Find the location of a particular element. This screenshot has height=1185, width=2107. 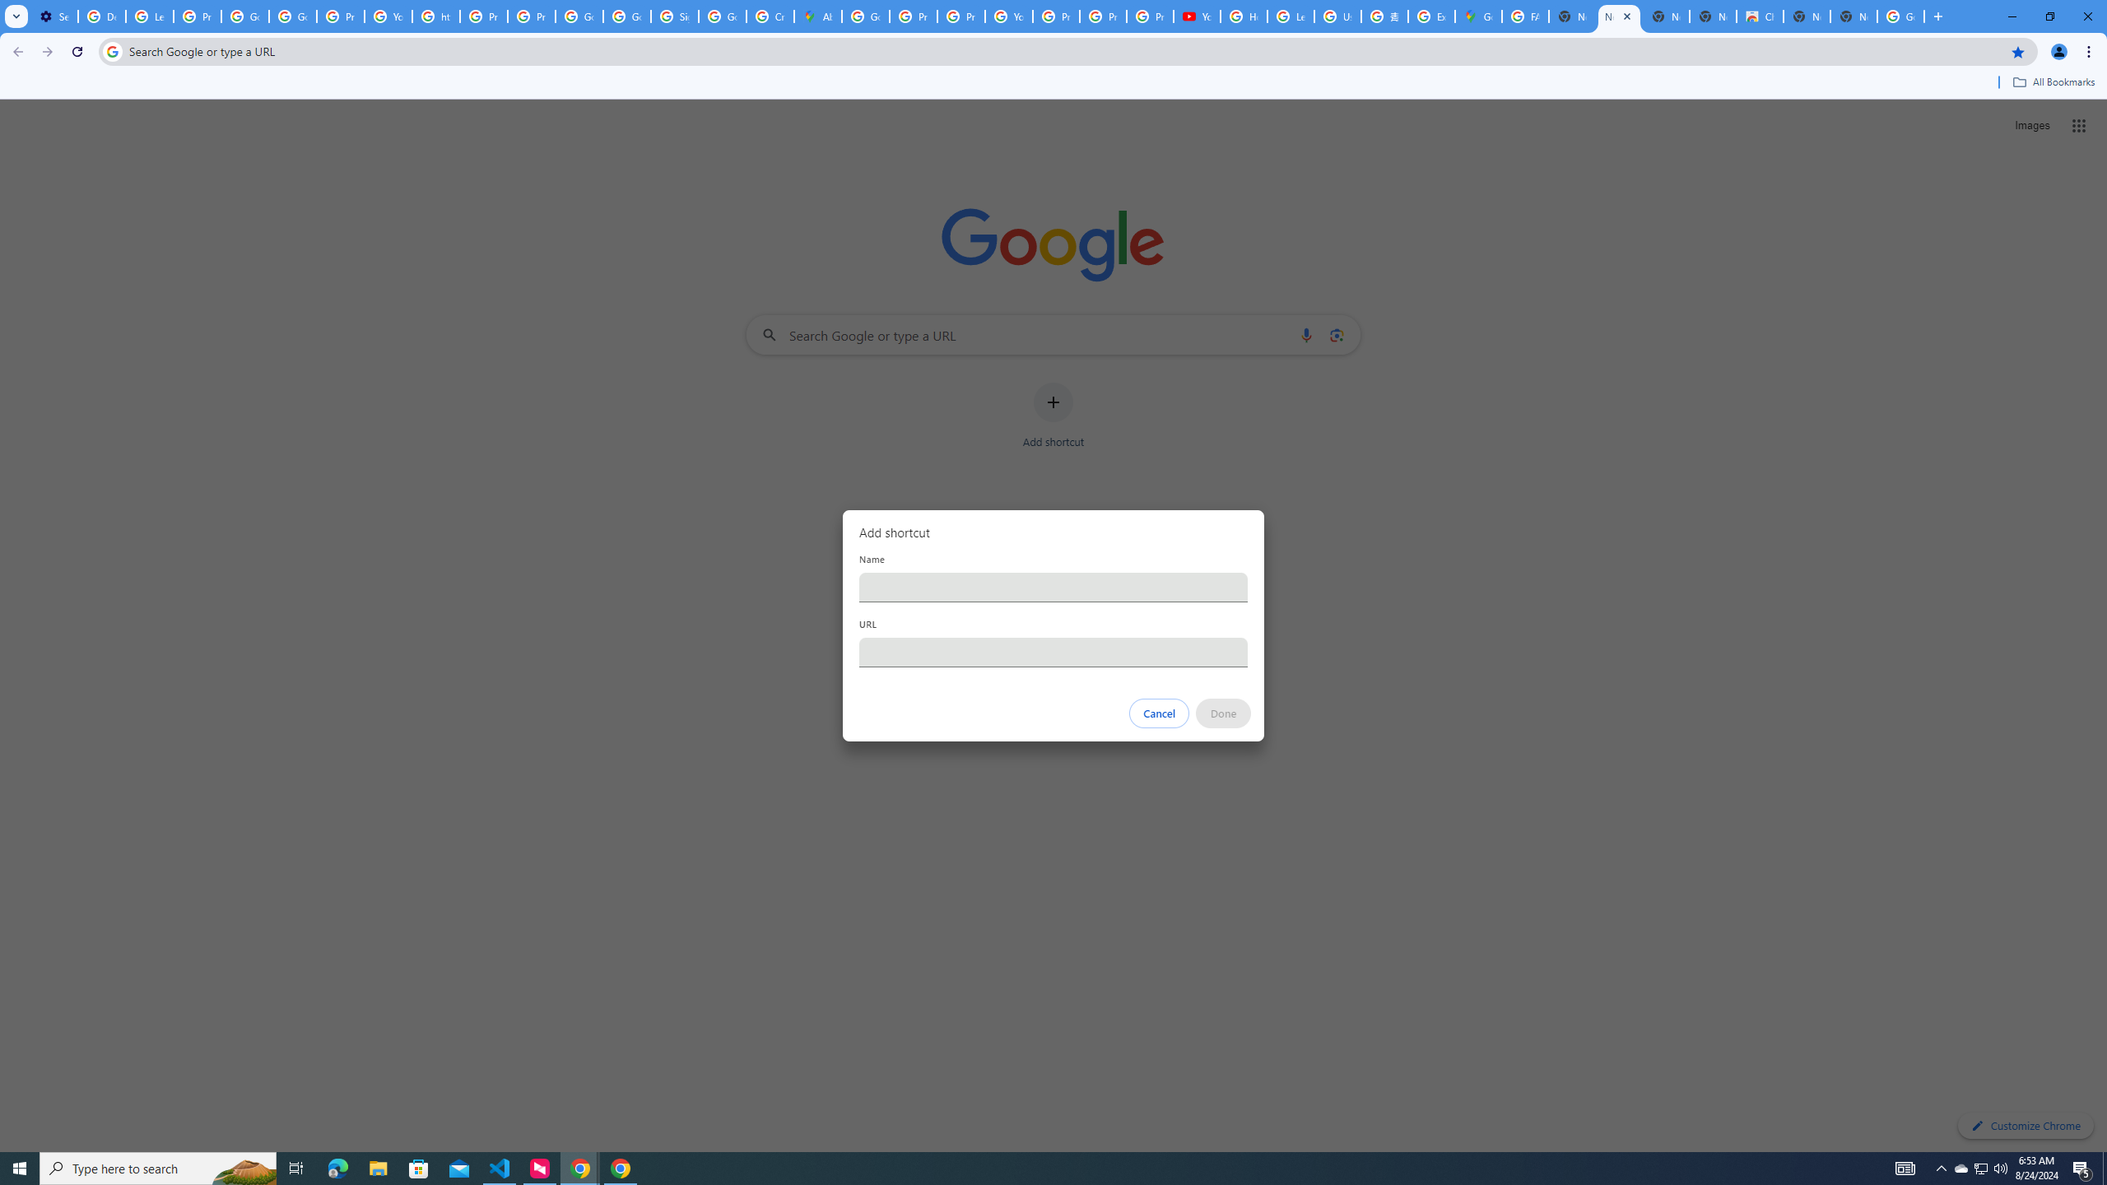

'Cancel' is located at coordinates (1160, 713).